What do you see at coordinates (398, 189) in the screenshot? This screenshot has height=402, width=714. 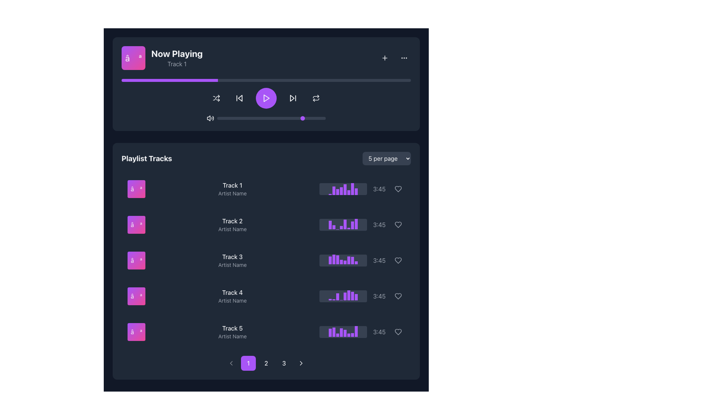 I see `the 'favorite' icon button in the fifth column of the playlist table for 'Track 1', which is located near the duration text '3:45'` at bounding box center [398, 189].